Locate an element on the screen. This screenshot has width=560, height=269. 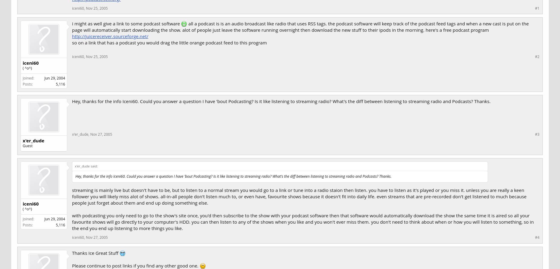
'with podcasting you only need to go to the show's site once, you'd then subscribe to the show with your podcast software then that software would automatically download the show the same time it is aired so all your favourite shows will go directly to your computer's HDD. you can then listen to any of the shows when you like and you won't ever miss them. you don't need to think about when or how you will listen to something, so in the end you end up listening to more things you like.' is located at coordinates (302, 221).